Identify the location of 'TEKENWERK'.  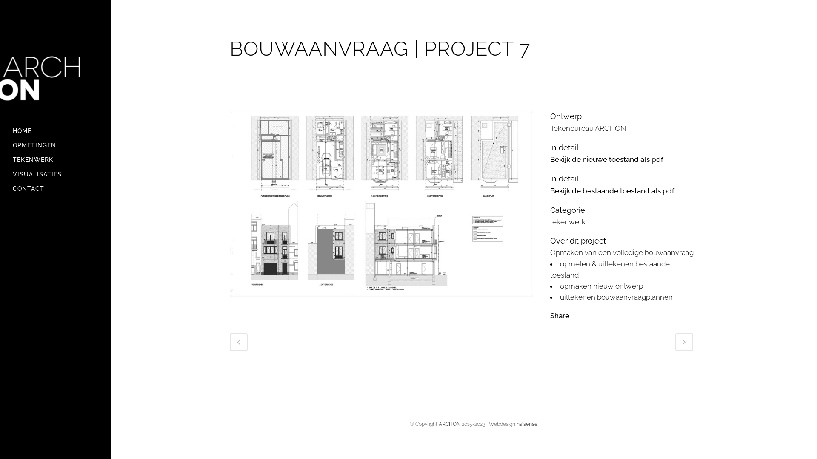
(54, 159).